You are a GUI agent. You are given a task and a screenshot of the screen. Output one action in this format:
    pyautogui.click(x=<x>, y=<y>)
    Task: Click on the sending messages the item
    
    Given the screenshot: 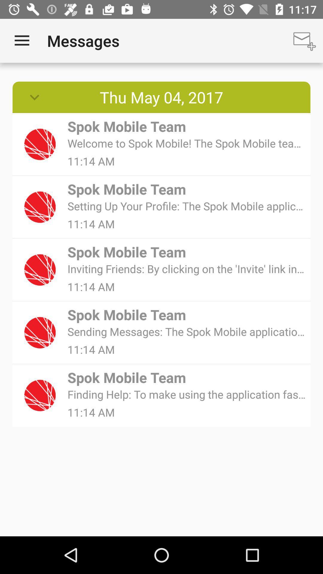 What is the action you would take?
    pyautogui.click(x=187, y=331)
    